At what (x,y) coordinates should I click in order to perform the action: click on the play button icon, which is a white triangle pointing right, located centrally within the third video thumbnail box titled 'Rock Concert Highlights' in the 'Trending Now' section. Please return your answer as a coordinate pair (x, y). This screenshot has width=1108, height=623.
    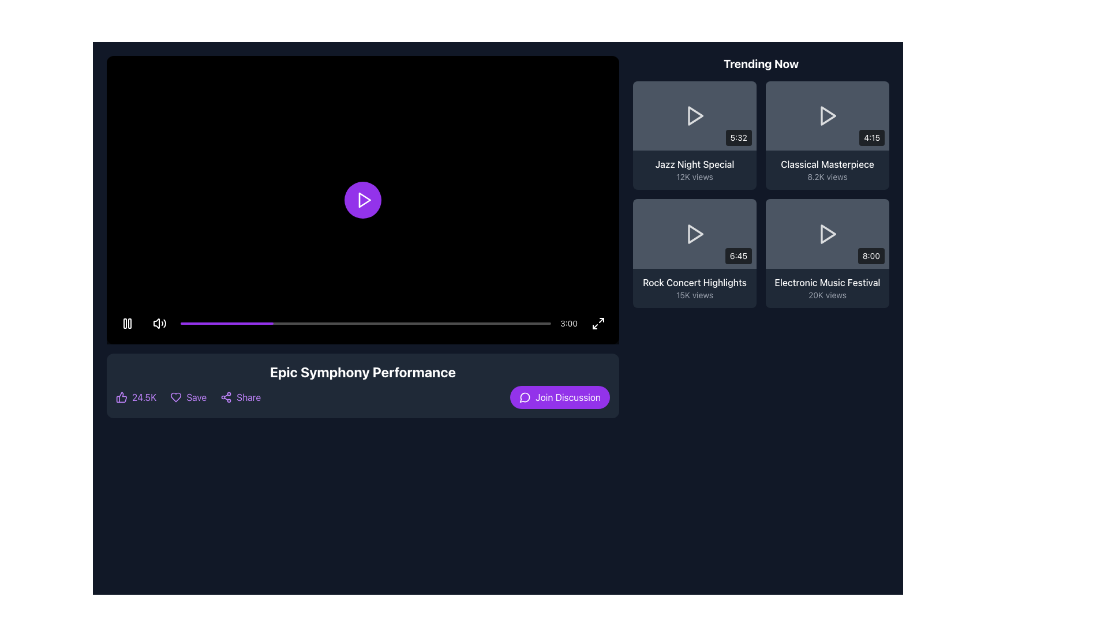
    Looking at the image, I should click on (694, 234).